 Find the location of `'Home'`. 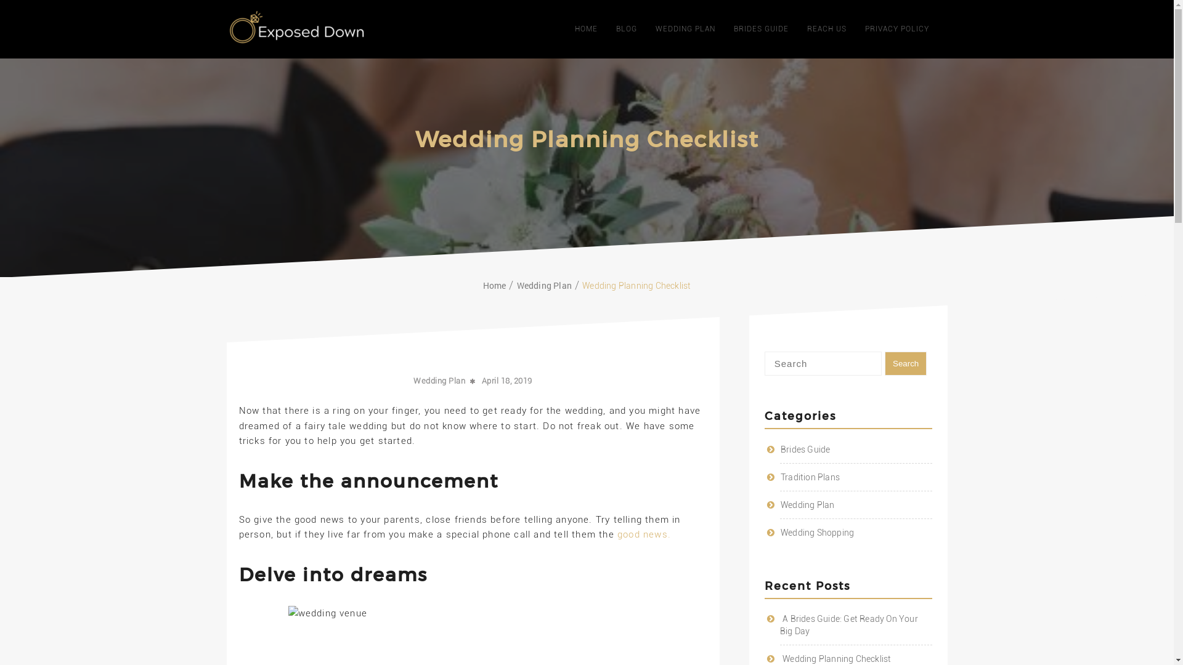

'Home' is located at coordinates (482, 285).